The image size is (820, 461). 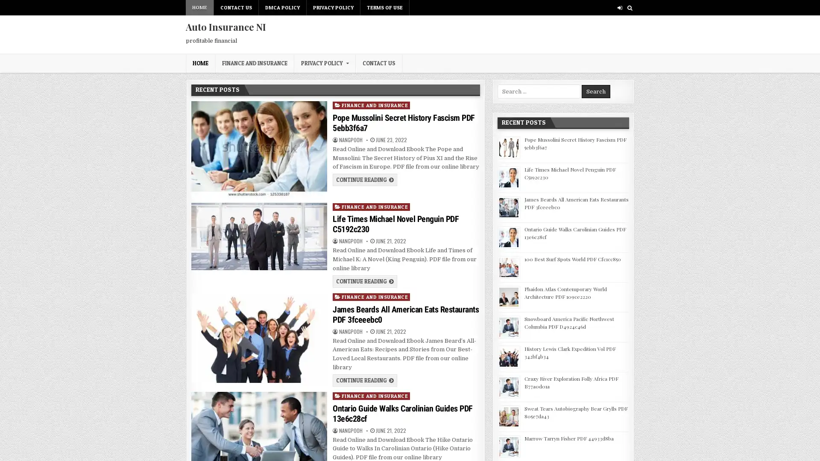 What do you see at coordinates (595, 91) in the screenshot?
I see `Search` at bounding box center [595, 91].